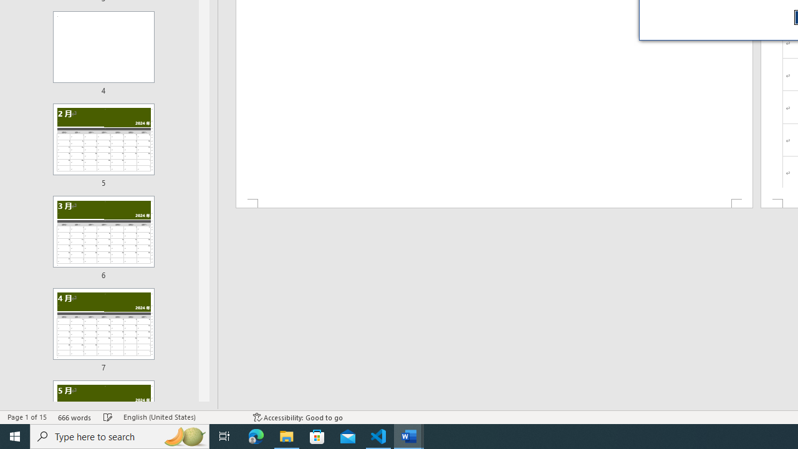 The width and height of the screenshot is (798, 449). Describe the element at coordinates (27, 417) in the screenshot. I see `'Page Number Page 1 of 15'` at that location.